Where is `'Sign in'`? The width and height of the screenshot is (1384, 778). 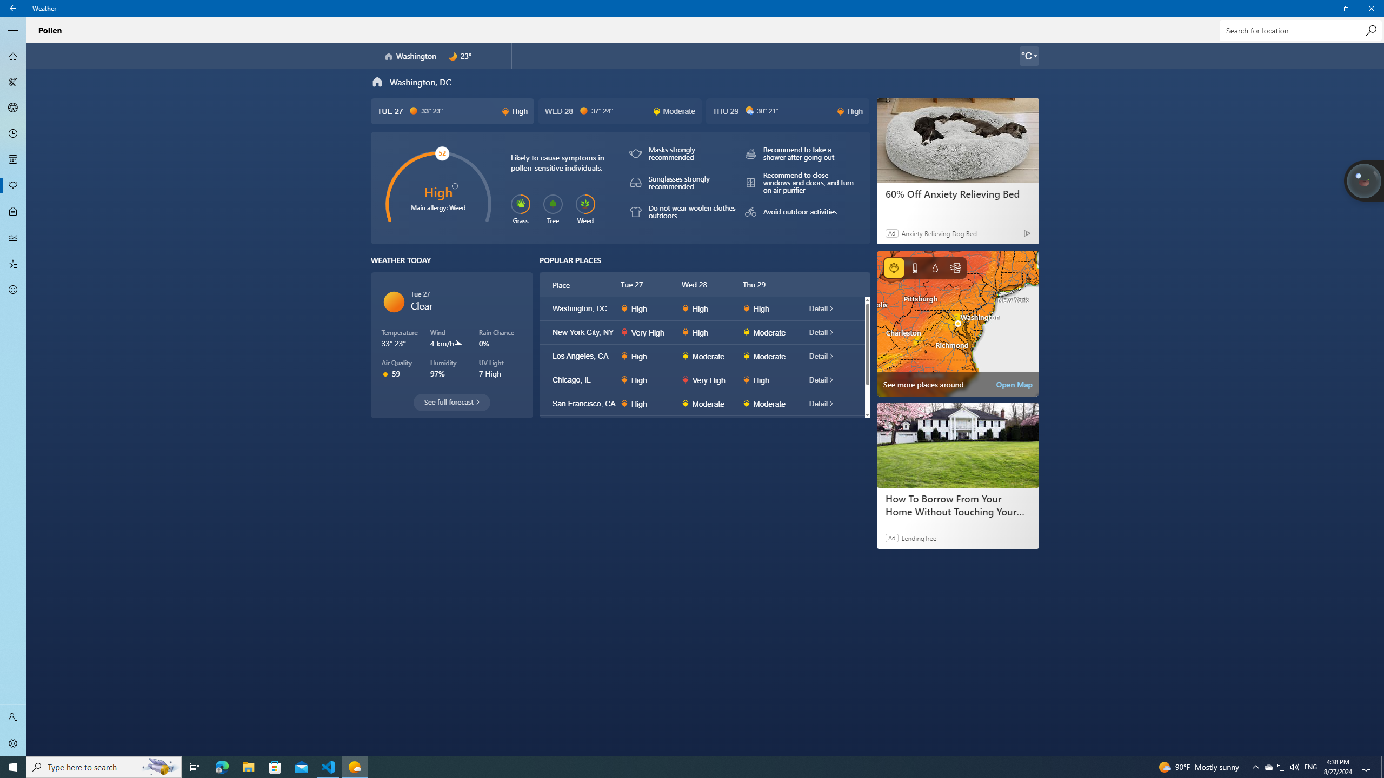 'Sign in' is located at coordinates (13, 717).